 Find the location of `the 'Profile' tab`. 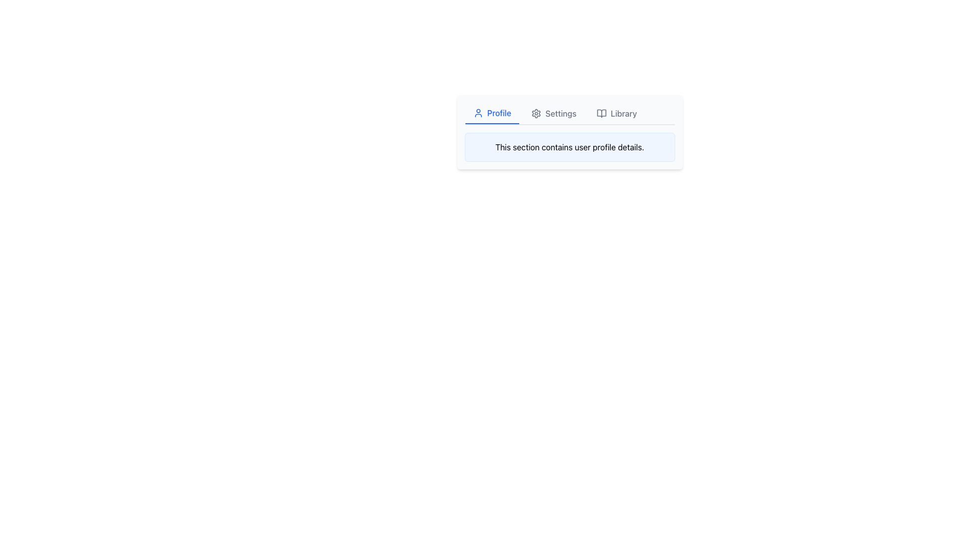

the 'Profile' tab is located at coordinates (492, 113).